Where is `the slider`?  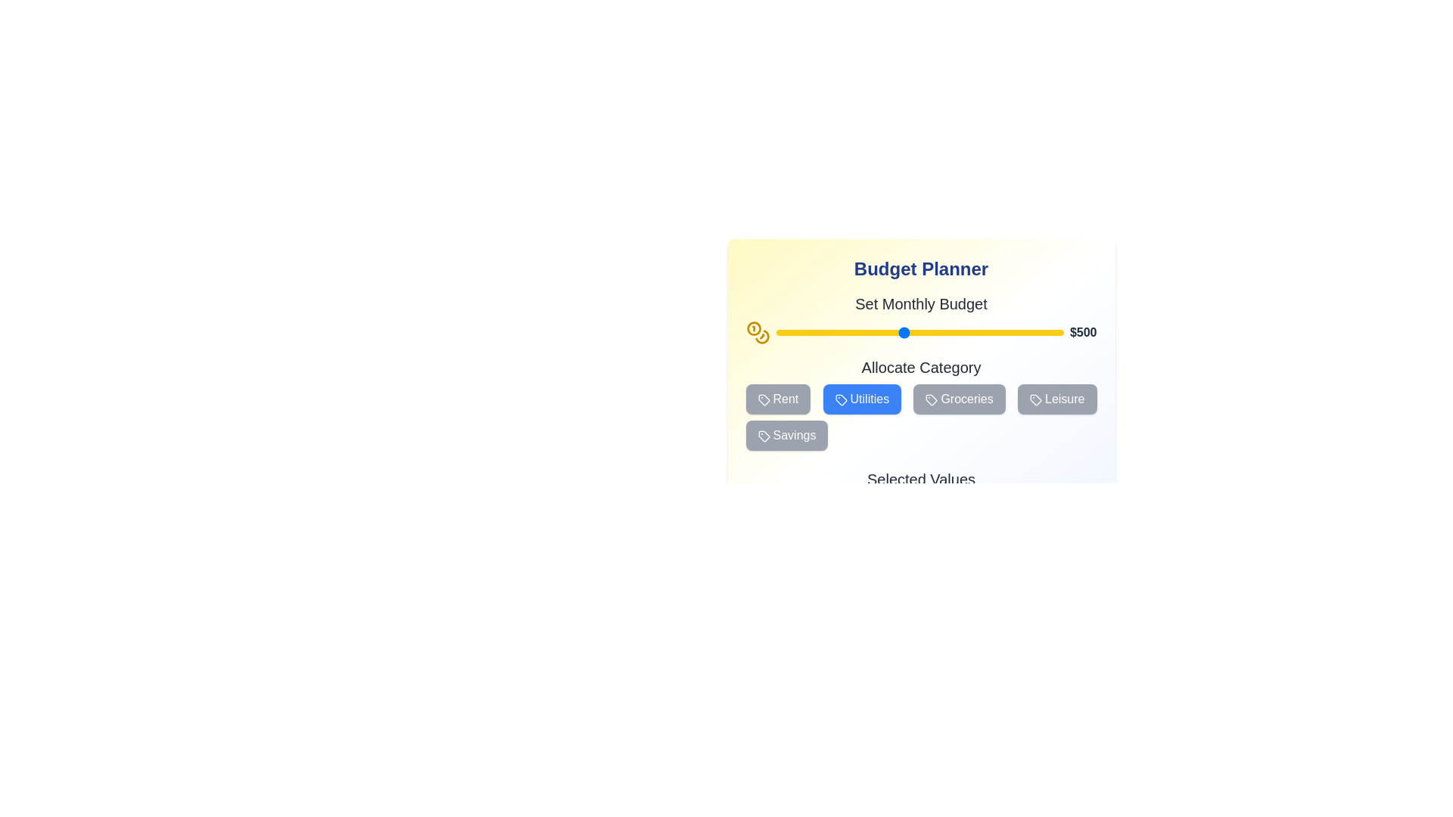
the slider is located at coordinates (957, 331).